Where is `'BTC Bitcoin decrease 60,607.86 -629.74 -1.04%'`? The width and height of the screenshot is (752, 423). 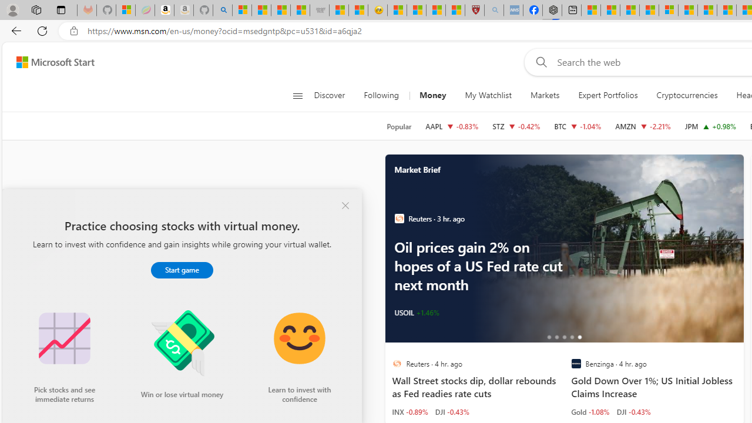 'BTC Bitcoin decrease 60,607.86 -629.74 -1.04%' is located at coordinates (578, 126).